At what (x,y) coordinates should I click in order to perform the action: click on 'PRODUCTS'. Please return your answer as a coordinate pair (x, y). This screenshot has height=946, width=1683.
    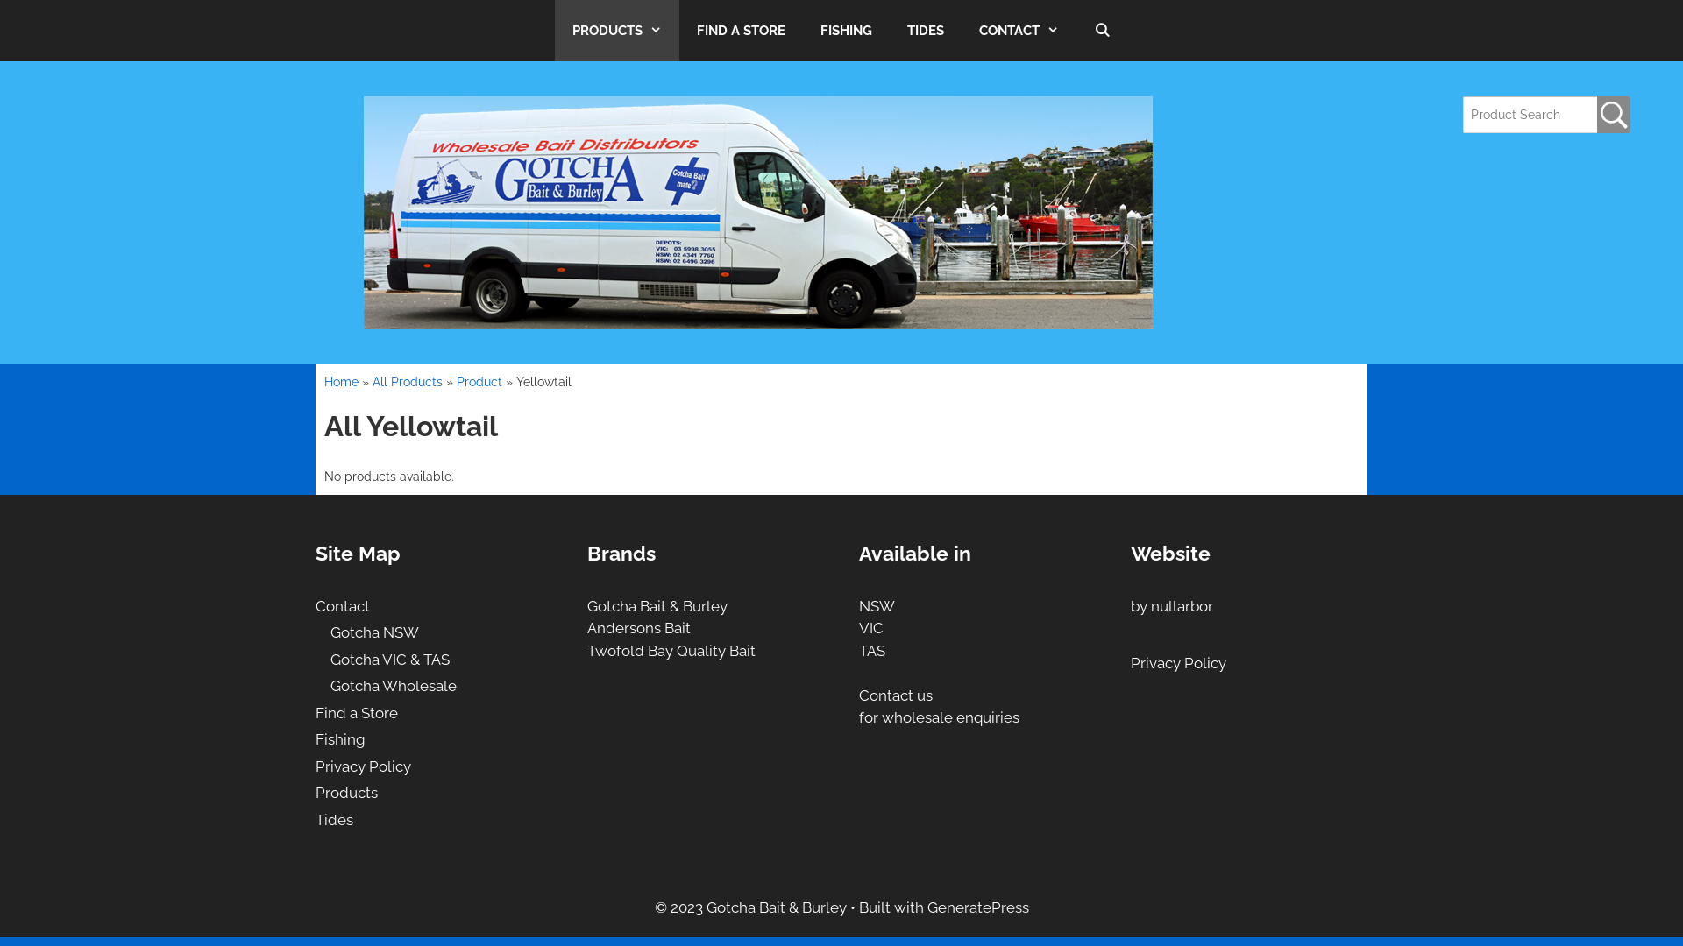
    Looking at the image, I should click on (554, 30).